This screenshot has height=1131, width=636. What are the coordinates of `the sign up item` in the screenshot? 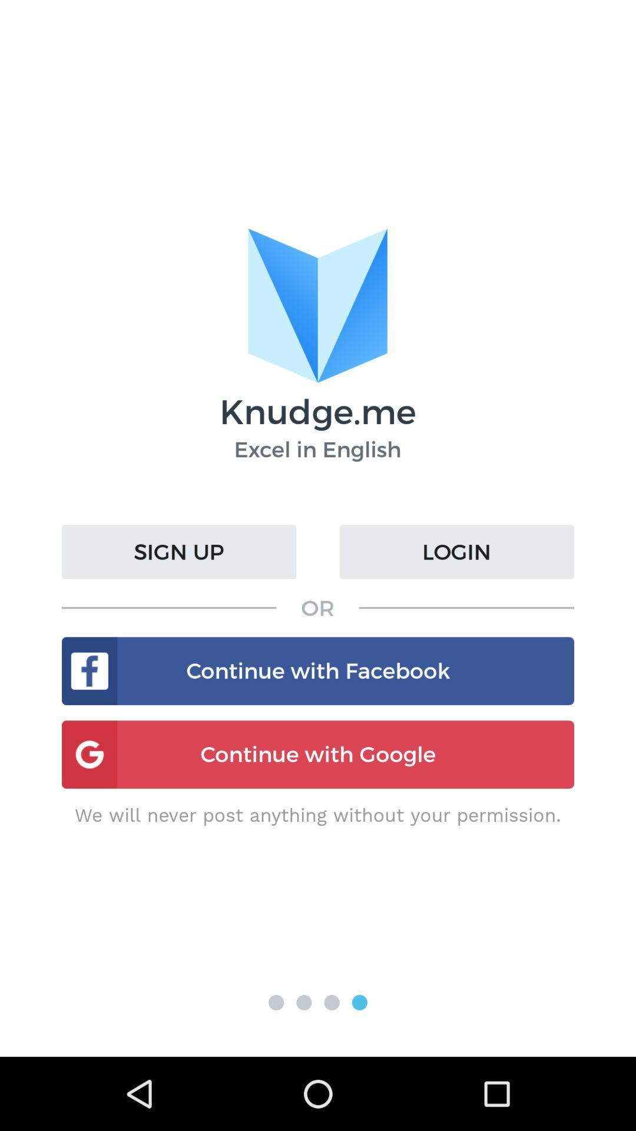 It's located at (179, 551).